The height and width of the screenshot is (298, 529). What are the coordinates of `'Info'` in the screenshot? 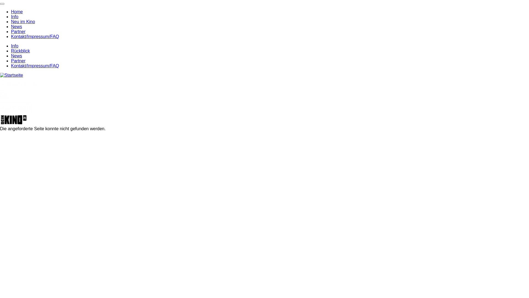 It's located at (11, 46).